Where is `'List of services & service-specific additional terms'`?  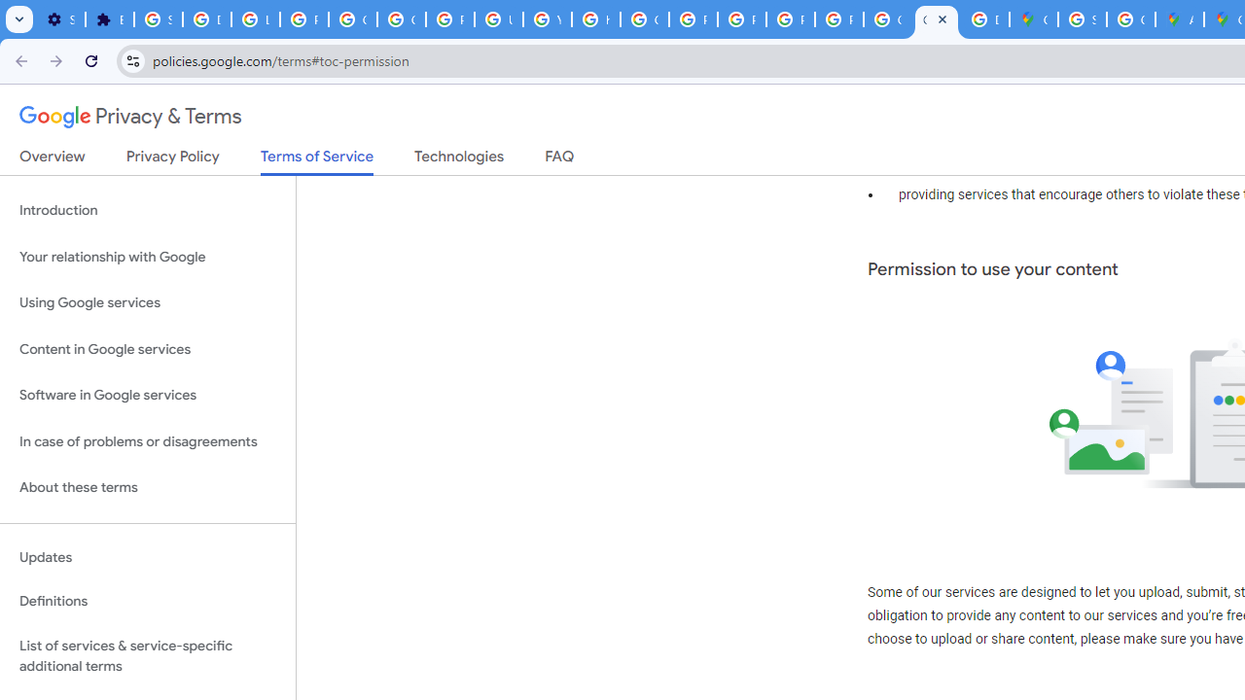 'List of services & service-specific additional terms' is located at coordinates (147, 656).